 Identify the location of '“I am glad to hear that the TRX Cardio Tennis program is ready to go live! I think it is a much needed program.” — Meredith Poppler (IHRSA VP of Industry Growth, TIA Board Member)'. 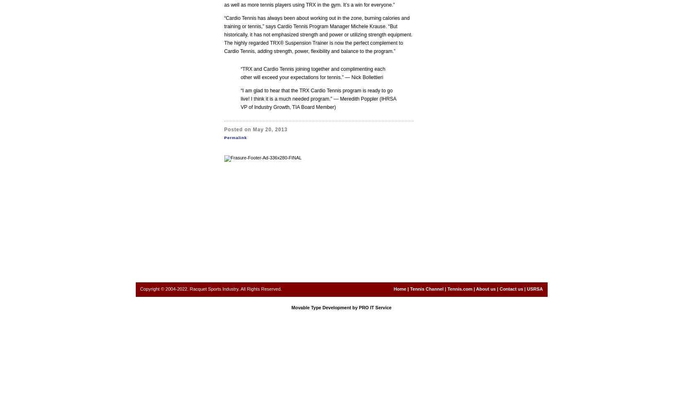
(240, 99).